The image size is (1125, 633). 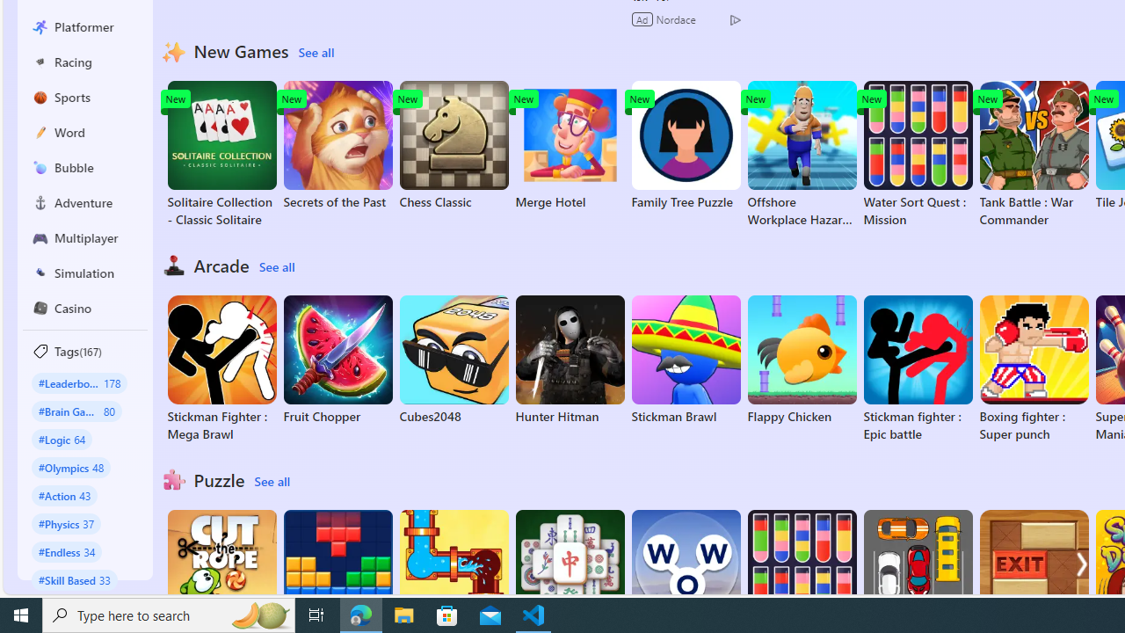 I want to click on 'Class: ad-choice  ad-choice-mono ', so click(x=735, y=18).